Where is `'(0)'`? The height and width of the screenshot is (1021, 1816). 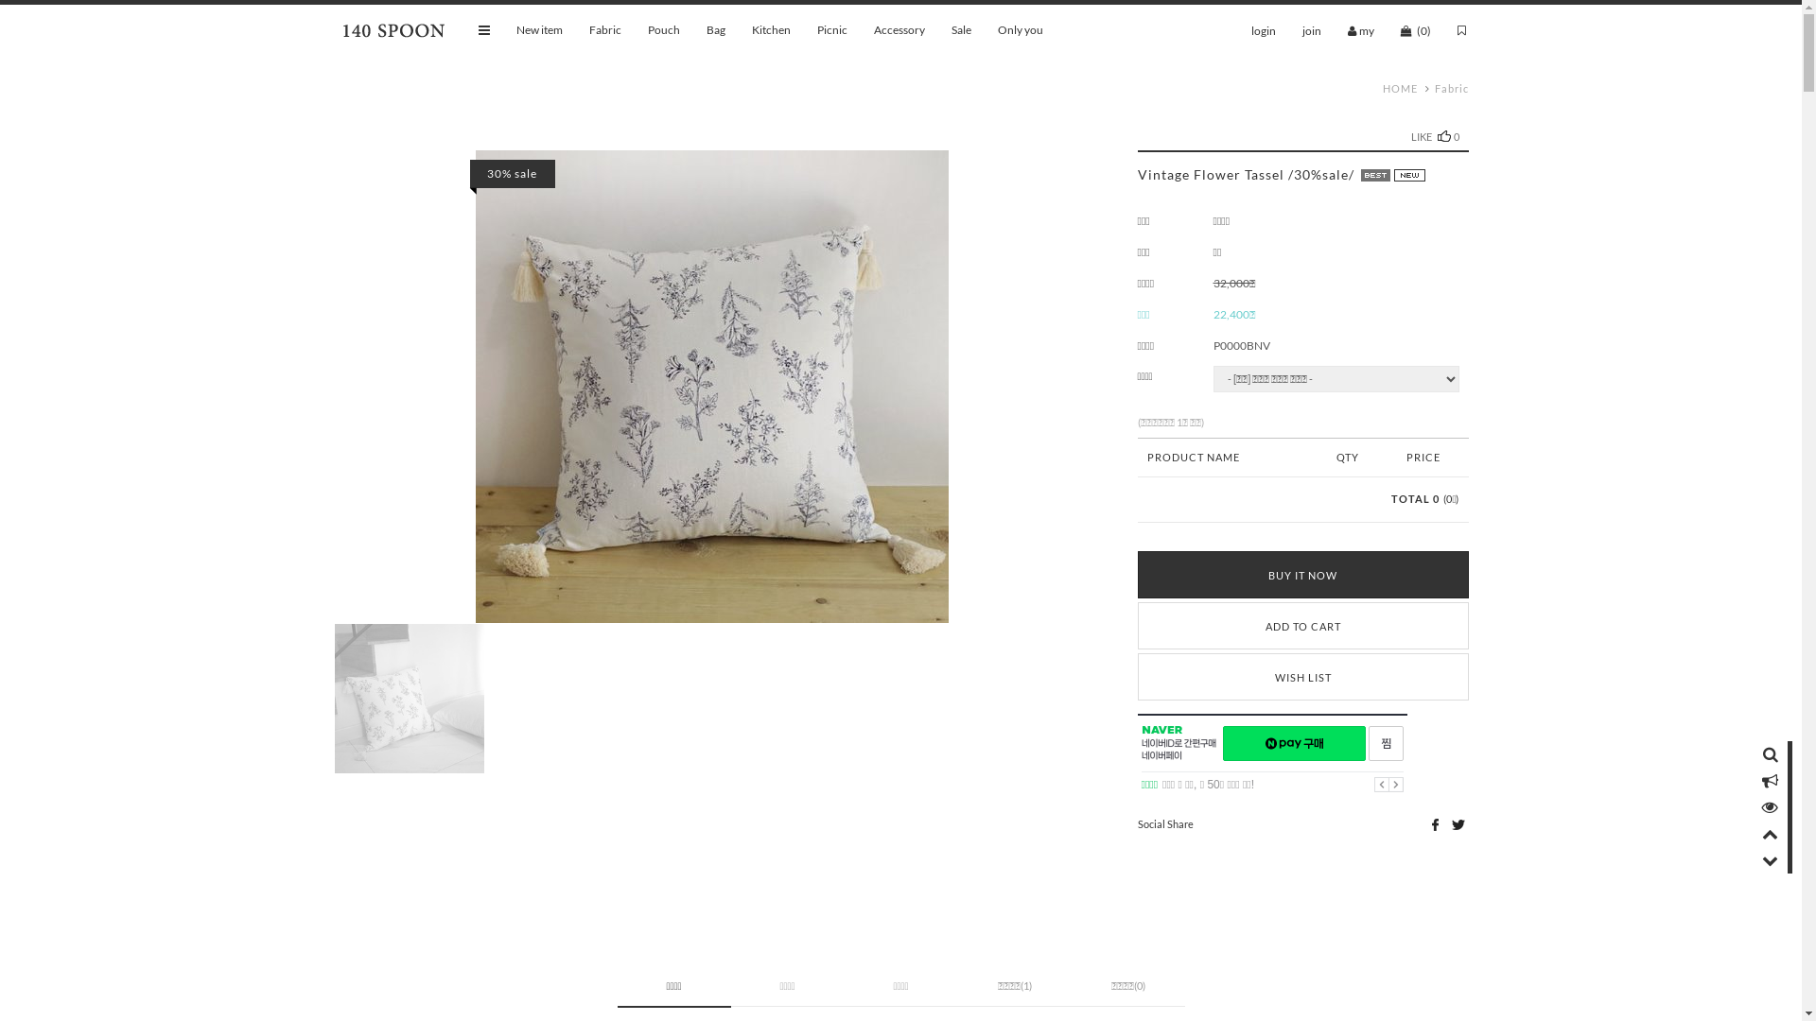
'(0)' is located at coordinates (1415, 29).